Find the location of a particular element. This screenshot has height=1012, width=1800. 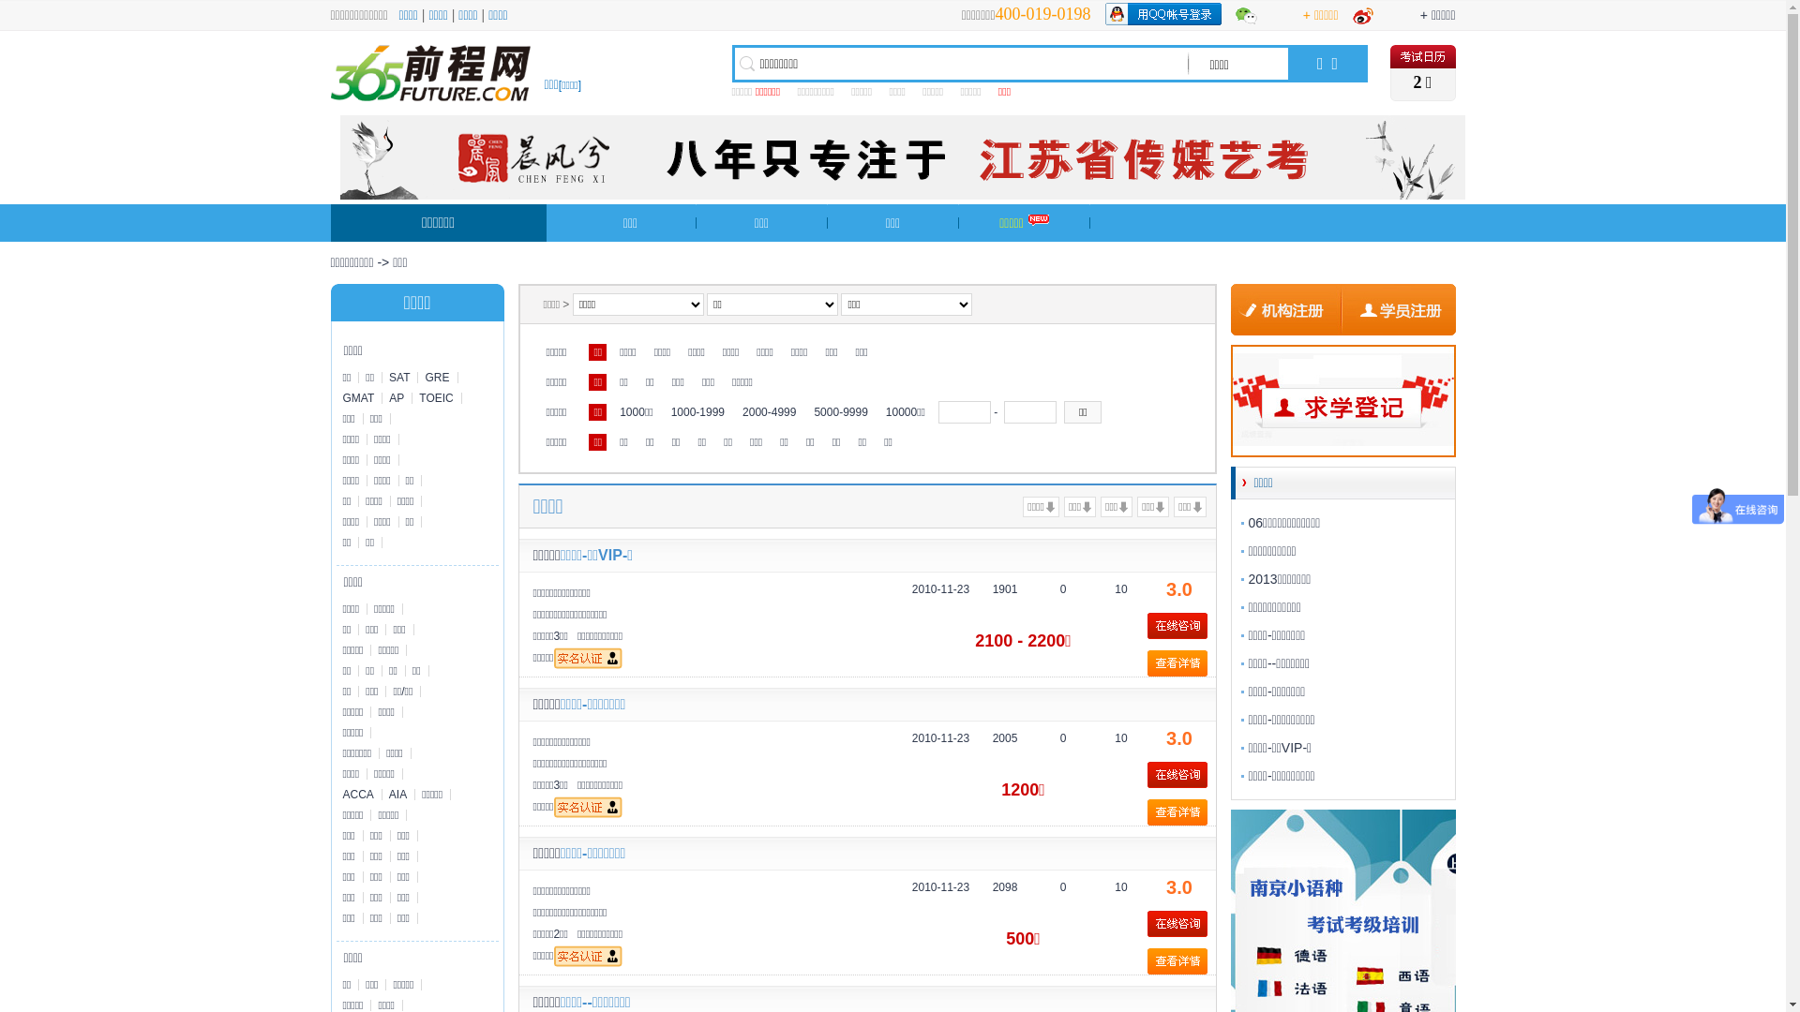

'SAT' is located at coordinates (399, 377).